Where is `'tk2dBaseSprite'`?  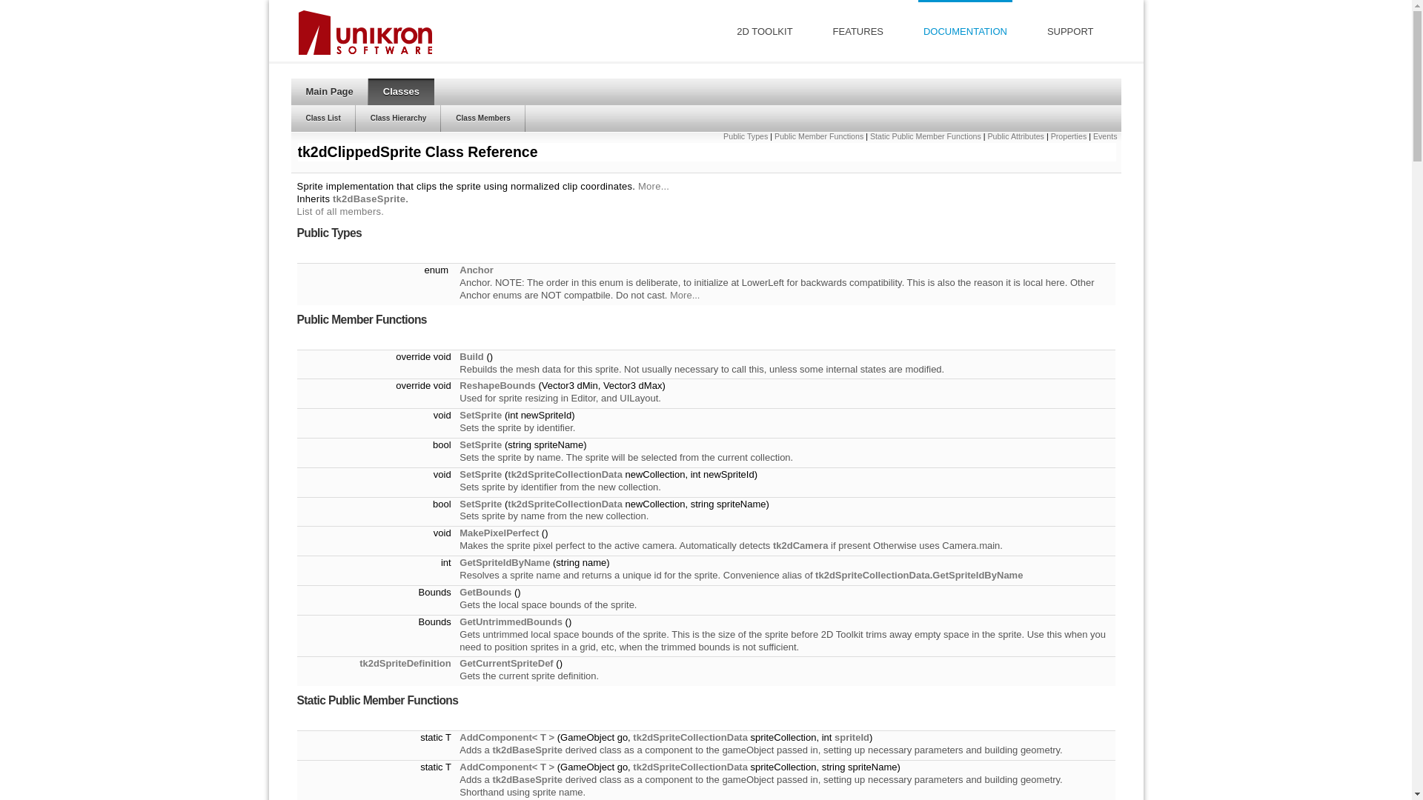
'tk2dBaseSprite' is located at coordinates (369, 198).